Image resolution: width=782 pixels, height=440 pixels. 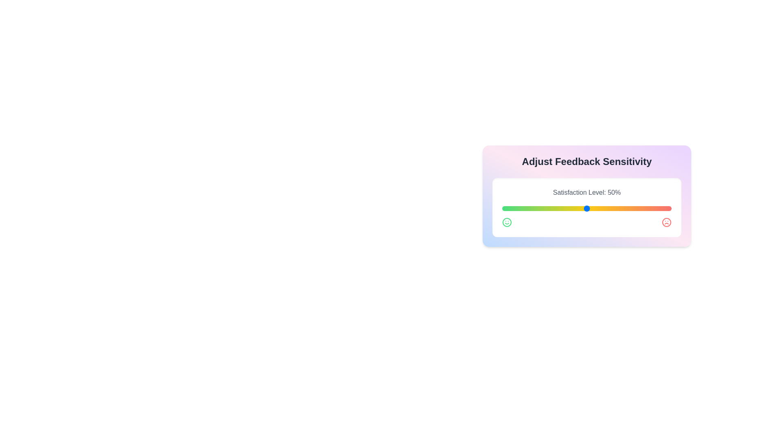 I want to click on the satisfaction level slider to 94%, so click(x=661, y=208).